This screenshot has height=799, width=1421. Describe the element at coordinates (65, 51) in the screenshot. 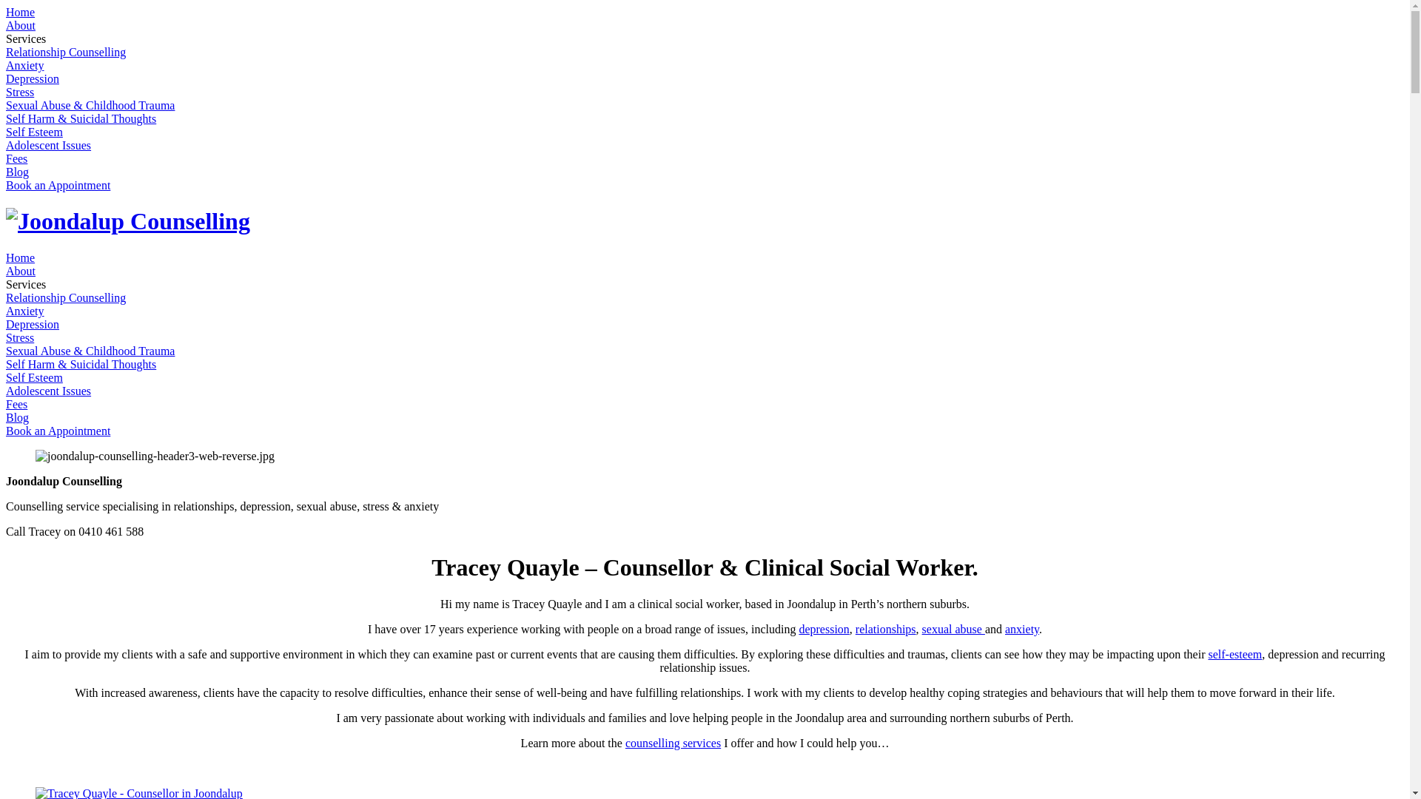

I see `'Relationship Counselling'` at that location.